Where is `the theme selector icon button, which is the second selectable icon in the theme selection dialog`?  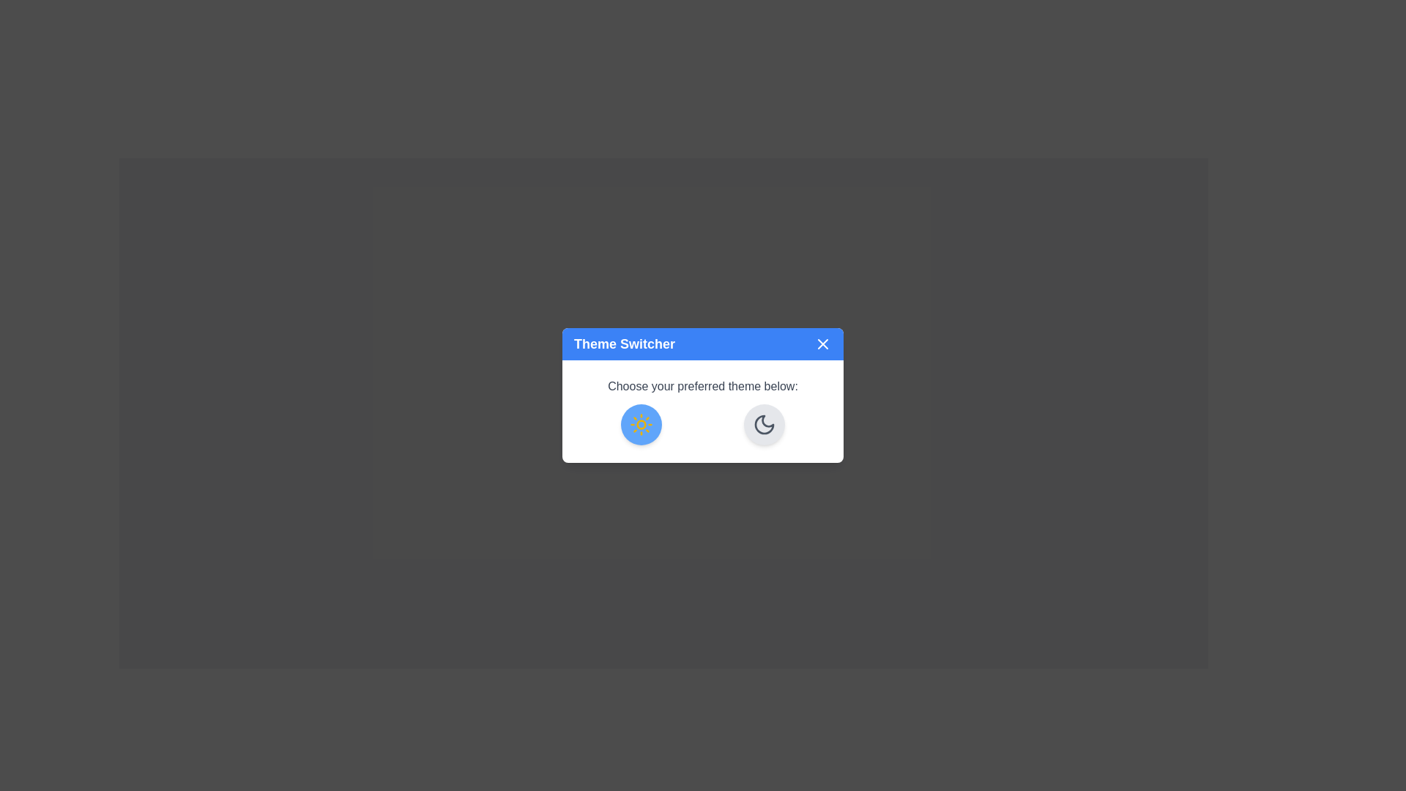
the theme selector icon button, which is the second selectable icon in the theme selection dialog is located at coordinates (763, 424).